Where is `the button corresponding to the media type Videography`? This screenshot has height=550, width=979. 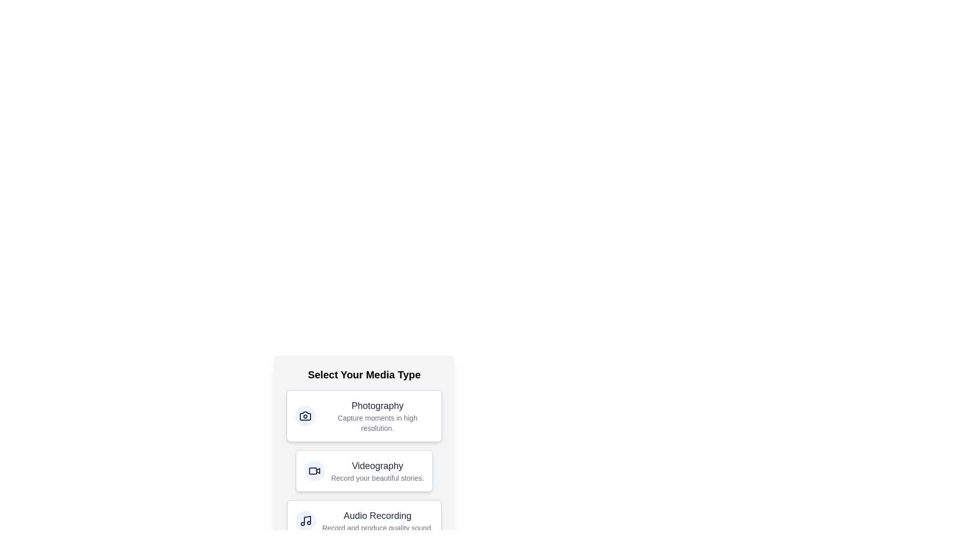
the button corresponding to the media type Videography is located at coordinates (364, 471).